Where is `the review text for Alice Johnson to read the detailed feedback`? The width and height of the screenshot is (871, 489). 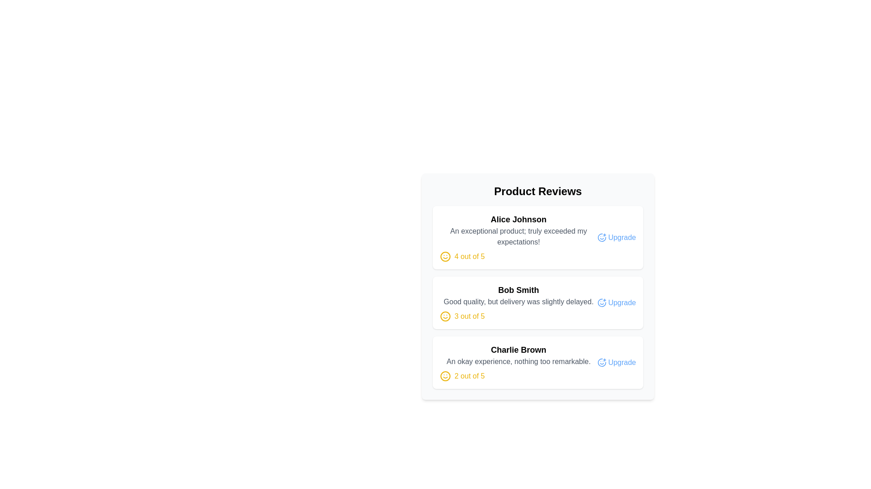 the review text for Alice Johnson to read the detailed feedback is located at coordinates (519, 236).